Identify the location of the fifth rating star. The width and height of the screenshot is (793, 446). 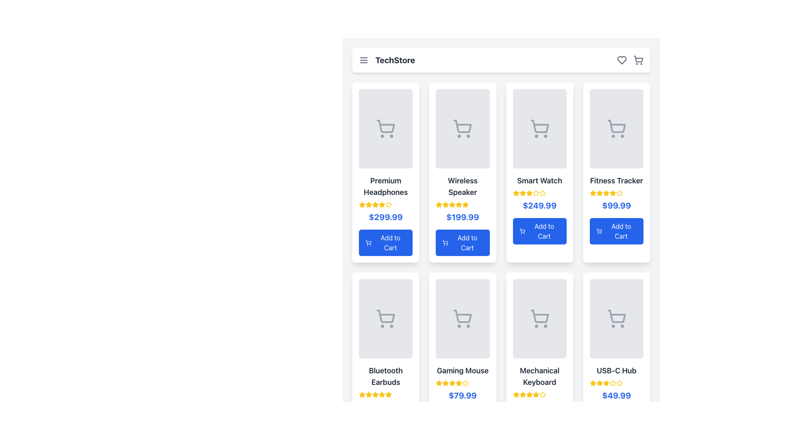
(542, 193).